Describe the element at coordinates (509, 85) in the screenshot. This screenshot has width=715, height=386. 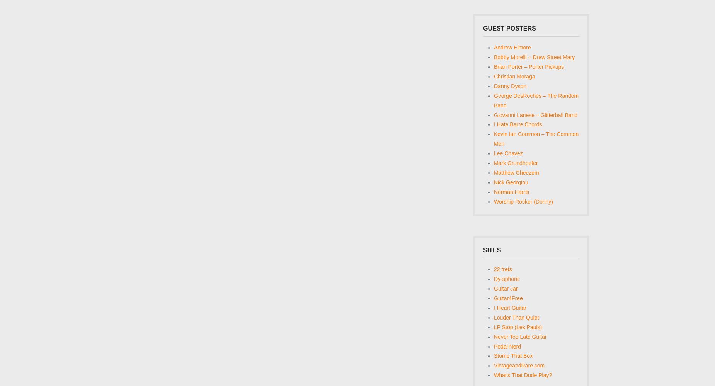
I see `'Danny Dyson'` at that location.